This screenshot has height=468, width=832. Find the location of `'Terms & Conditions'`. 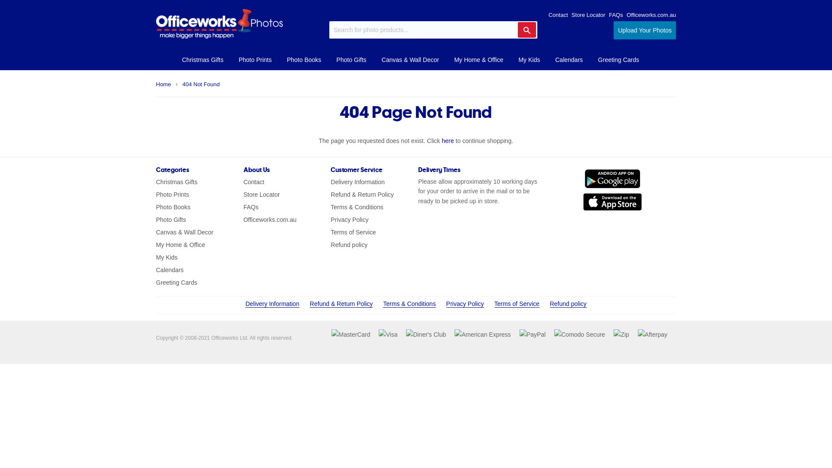

'Terms & Conditions' is located at coordinates (409, 303).